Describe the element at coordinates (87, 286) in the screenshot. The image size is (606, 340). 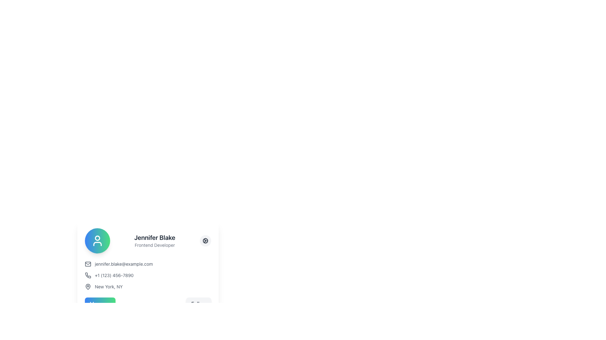
I see `the gray map pin icon, which is styled in a minimalist line art design and positioned to the left of the text 'New York, NY'` at that location.